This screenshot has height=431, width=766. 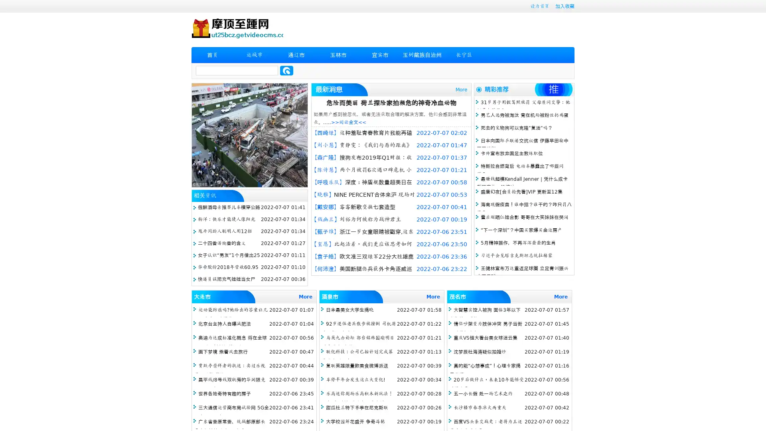 What do you see at coordinates (286, 70) in the screenshot?
I see `Search` at bounding box center [286, 70].